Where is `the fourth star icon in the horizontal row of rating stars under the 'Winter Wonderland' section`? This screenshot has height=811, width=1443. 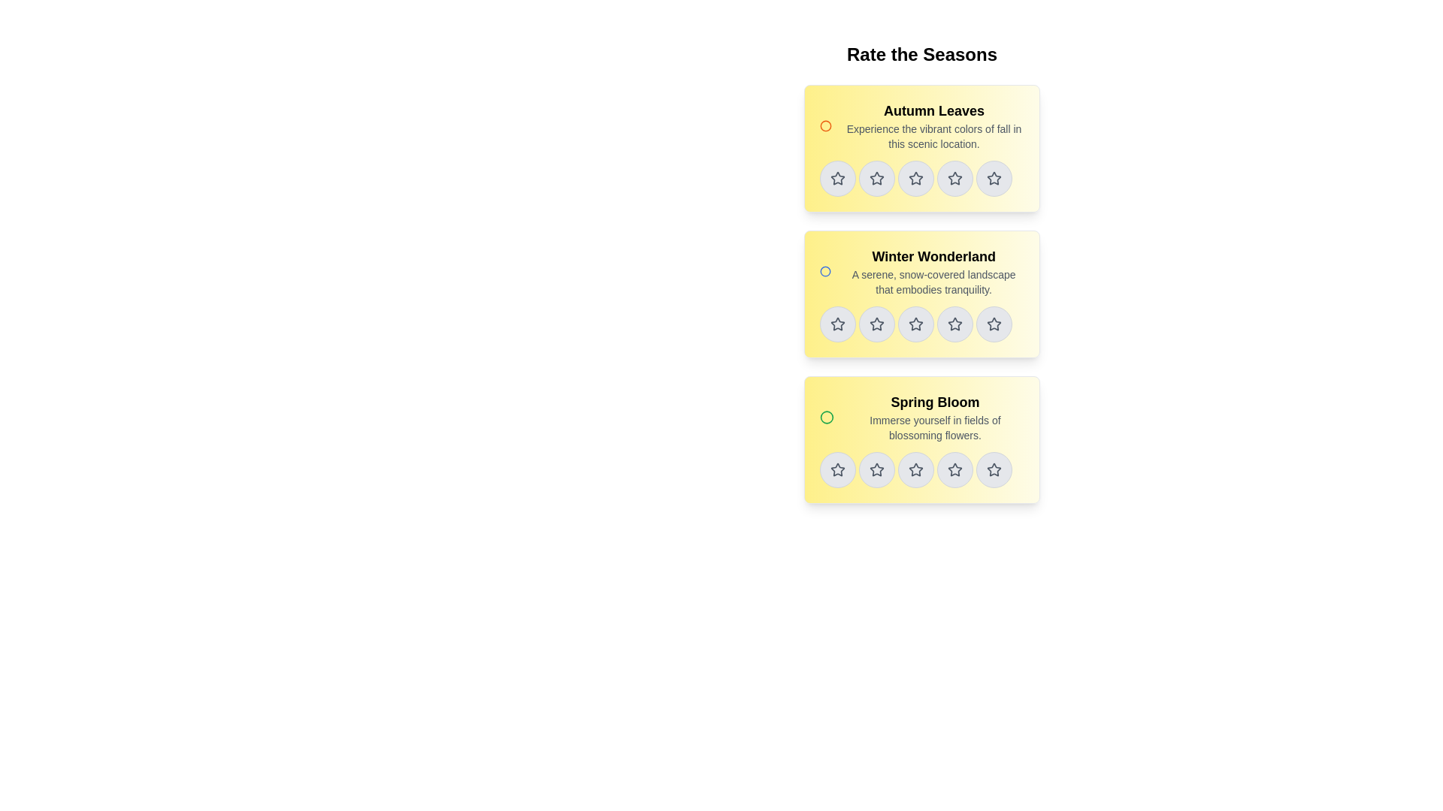 the fourth star icon in the horizontal row of rating stars under the 'Winter Wonderland' section is located at coordinates (994, 323).